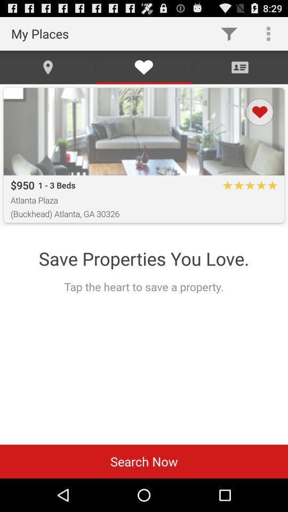  I want to click on search now item, so click(144, 461).